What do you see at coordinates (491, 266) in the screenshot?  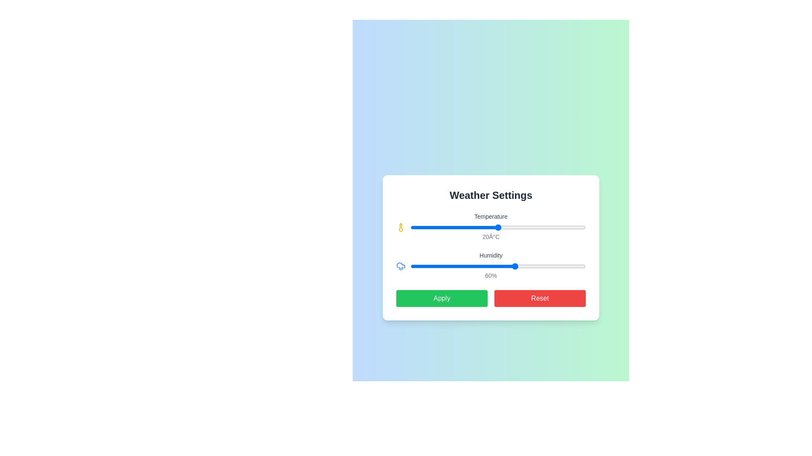 I see `the humidity adjustment slider located below the 'Humidity' label and above the '60%' text for keyboard interaction` at bounding box center [491, 266].